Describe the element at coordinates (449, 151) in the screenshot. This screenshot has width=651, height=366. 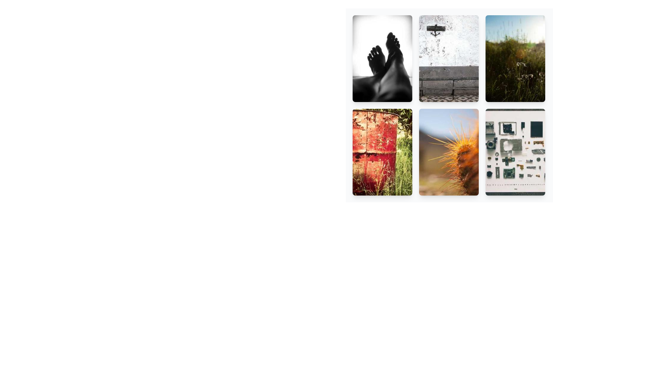
I see `the Interactive card located in the second row, third column of the grid structure to select it as a favorite item` at that location.